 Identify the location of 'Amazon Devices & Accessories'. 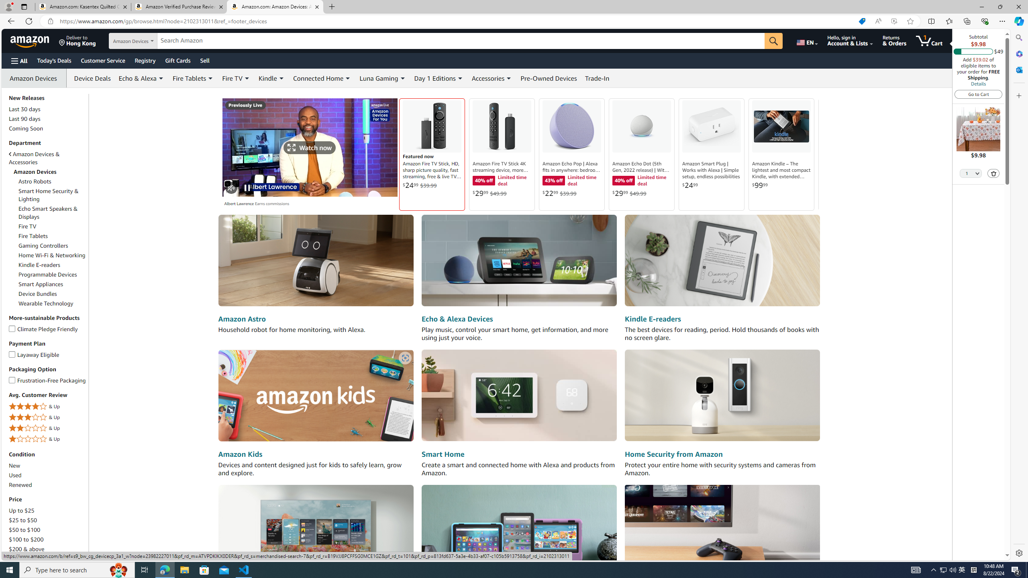
(47, 158).